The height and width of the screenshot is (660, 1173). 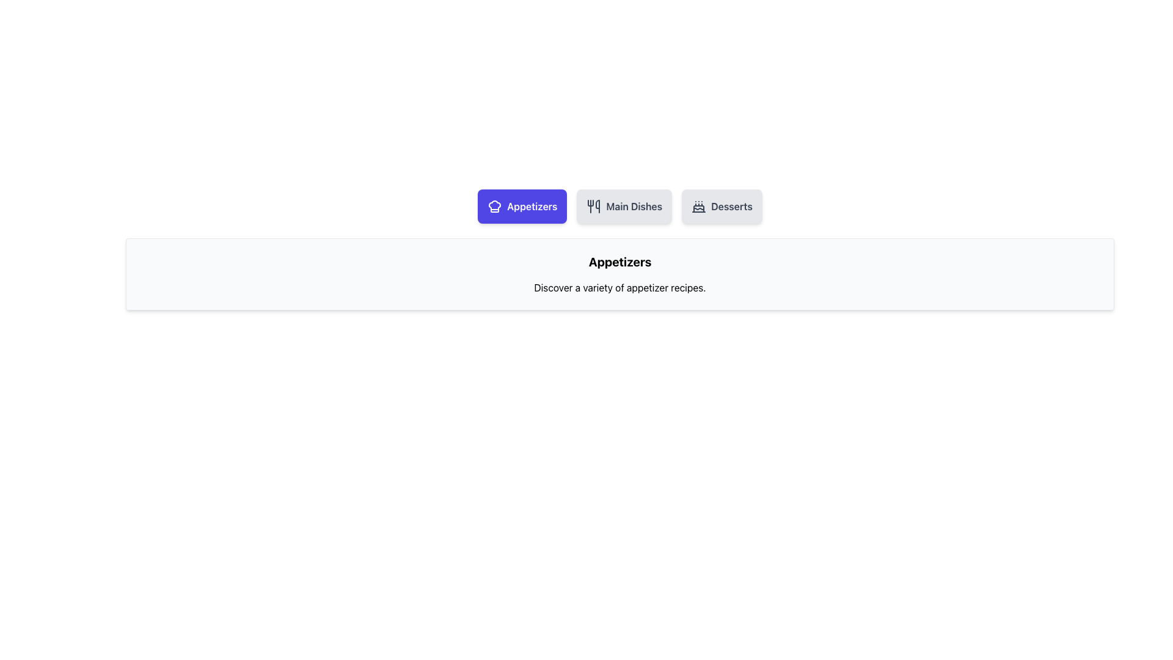 I want to click on the dessert navigation button using Tab navigation, so click(x=722, y=206).